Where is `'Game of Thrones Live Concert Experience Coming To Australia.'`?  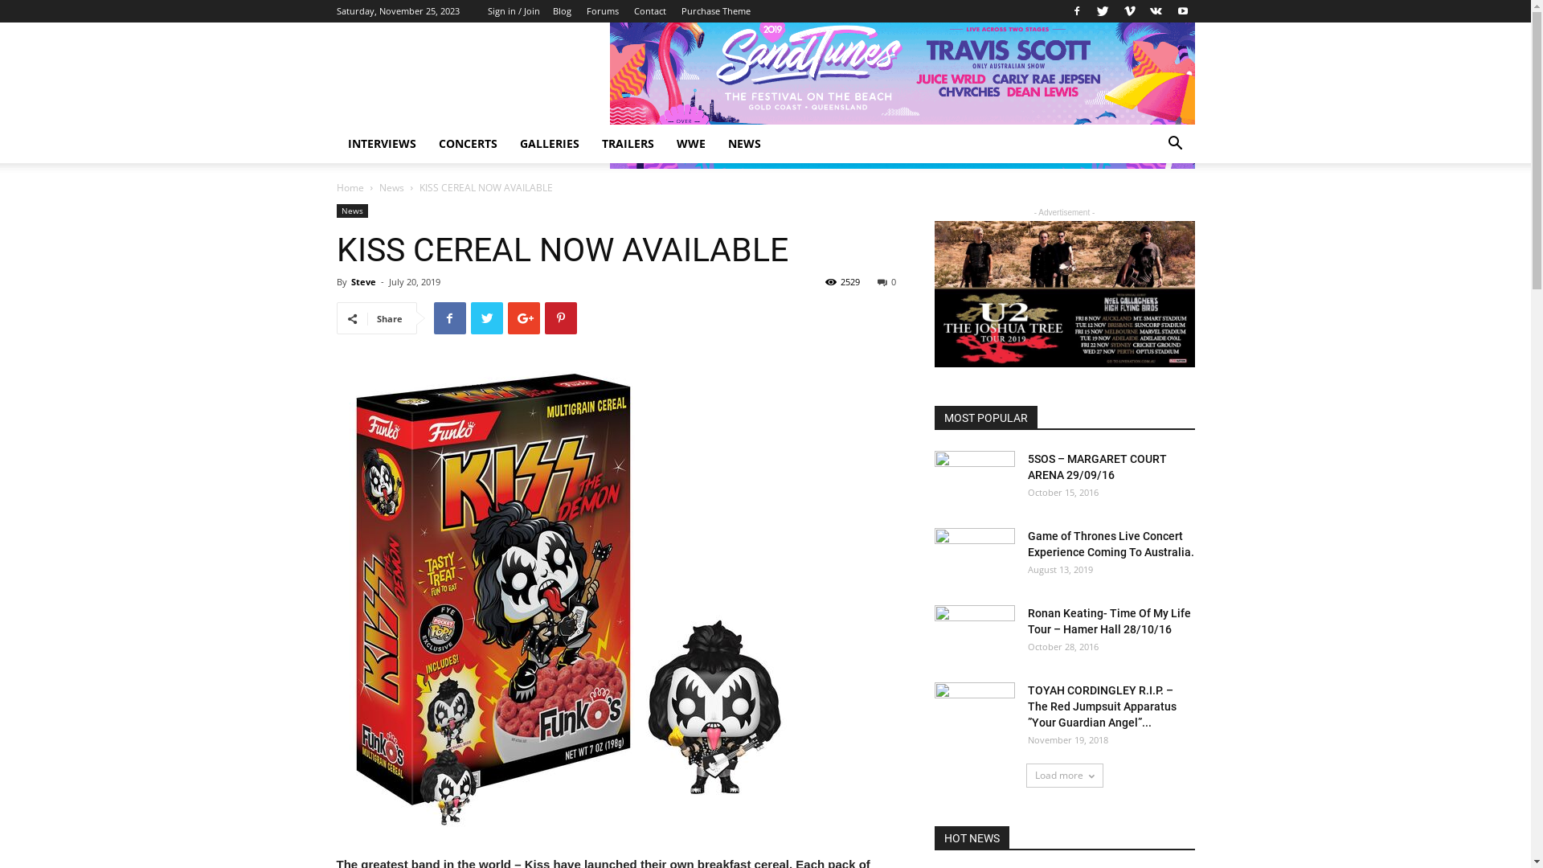 'Game of Thrones Live Concert Experience Coming To Australia.' is located at coordinates (973, 555).